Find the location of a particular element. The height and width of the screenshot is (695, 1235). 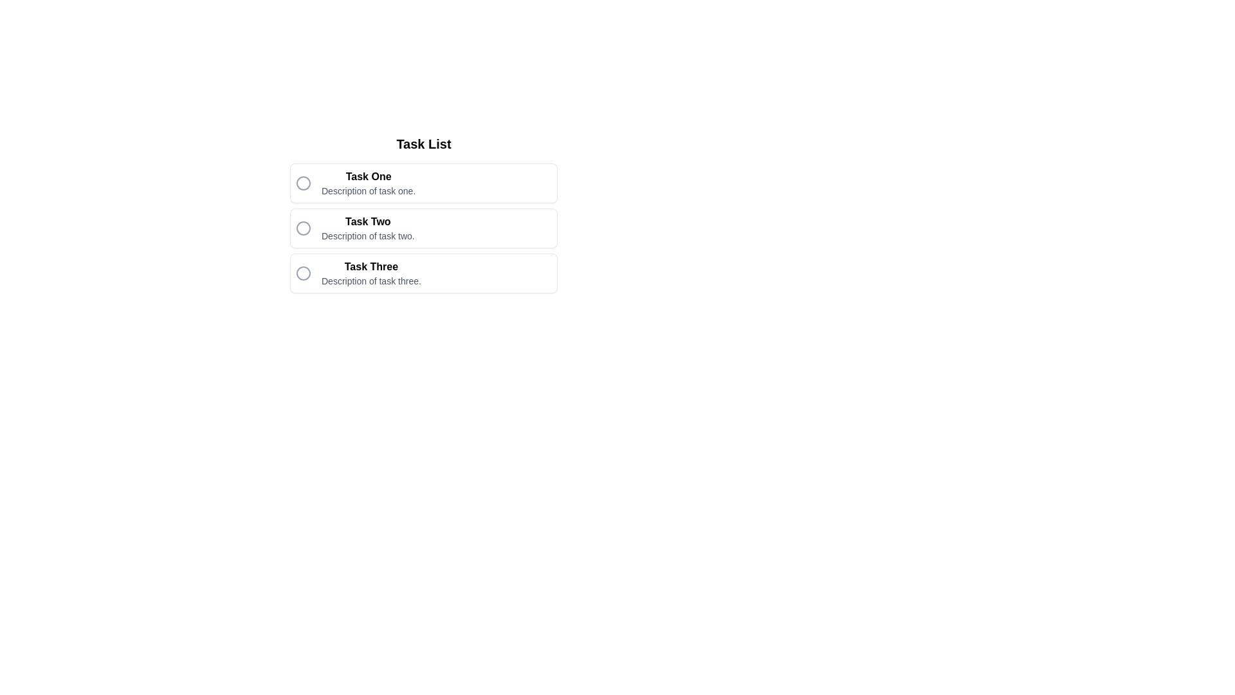

the radio button for the task item labeled 'Task Two' to trigger potential hover effects is located at coordinates (302, 227).